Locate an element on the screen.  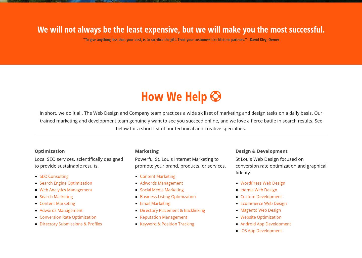
'In short, we do it all. The Web Design and Company team practices a wide skillset of marketing and design tasks on a daily basis. Our trained marketing and development team genuinely want to see you succeed online, and we love a fierce battle in search results.  See below for a short list of our technical and creative specialties.' is located at coordinates (181, 114).